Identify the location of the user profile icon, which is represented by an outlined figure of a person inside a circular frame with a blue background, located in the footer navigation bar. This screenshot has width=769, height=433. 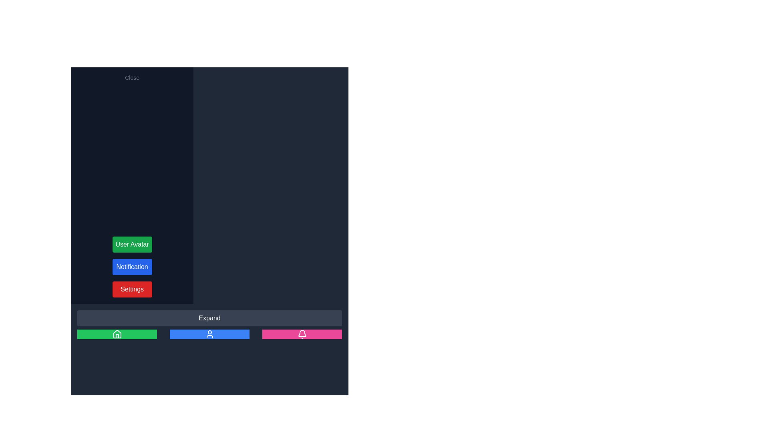
(209, 334).